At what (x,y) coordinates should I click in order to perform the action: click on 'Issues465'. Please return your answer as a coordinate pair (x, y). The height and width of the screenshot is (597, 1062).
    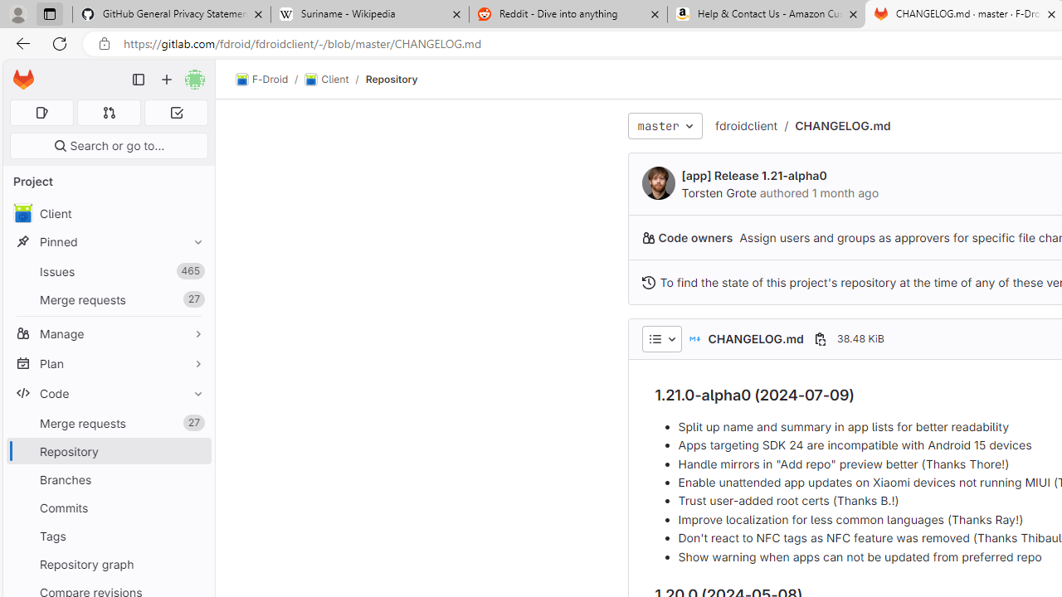
    Looking at the image, I should click on (108, 270).